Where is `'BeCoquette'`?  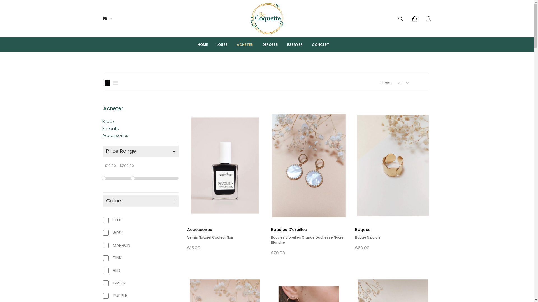 'BeCoquette' is located at coordinates (267, 18).